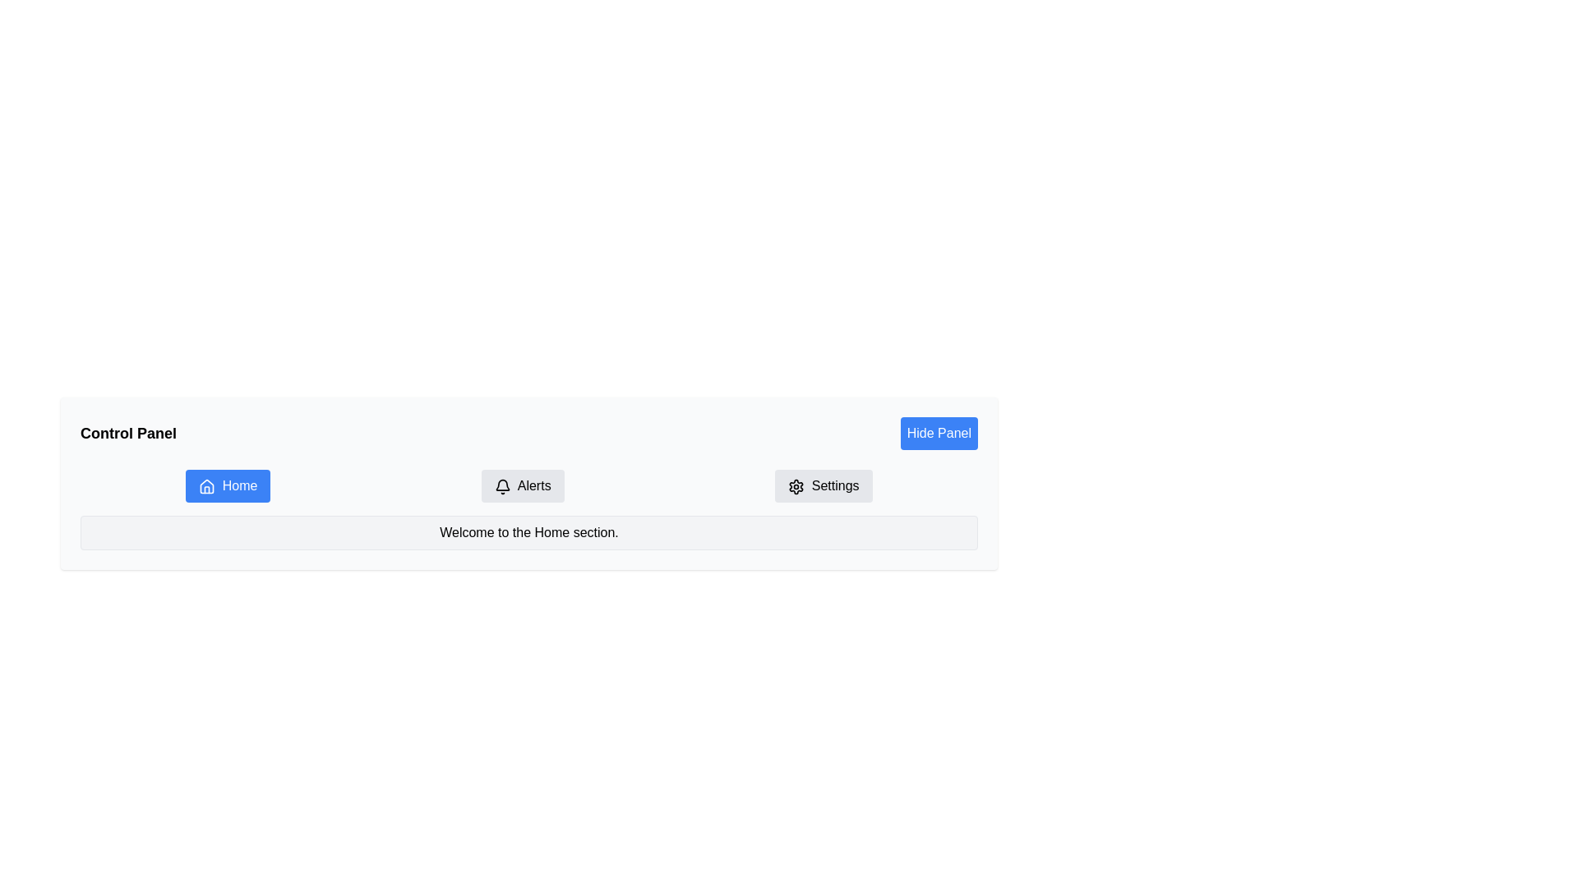 The height and width of the screenshot is (887, 1578). Describe the element at coordinates (824, 485) in the screenshot. I see `the button located in the navigation menu bar at the far right, which navigates users to the settings page` at that location.